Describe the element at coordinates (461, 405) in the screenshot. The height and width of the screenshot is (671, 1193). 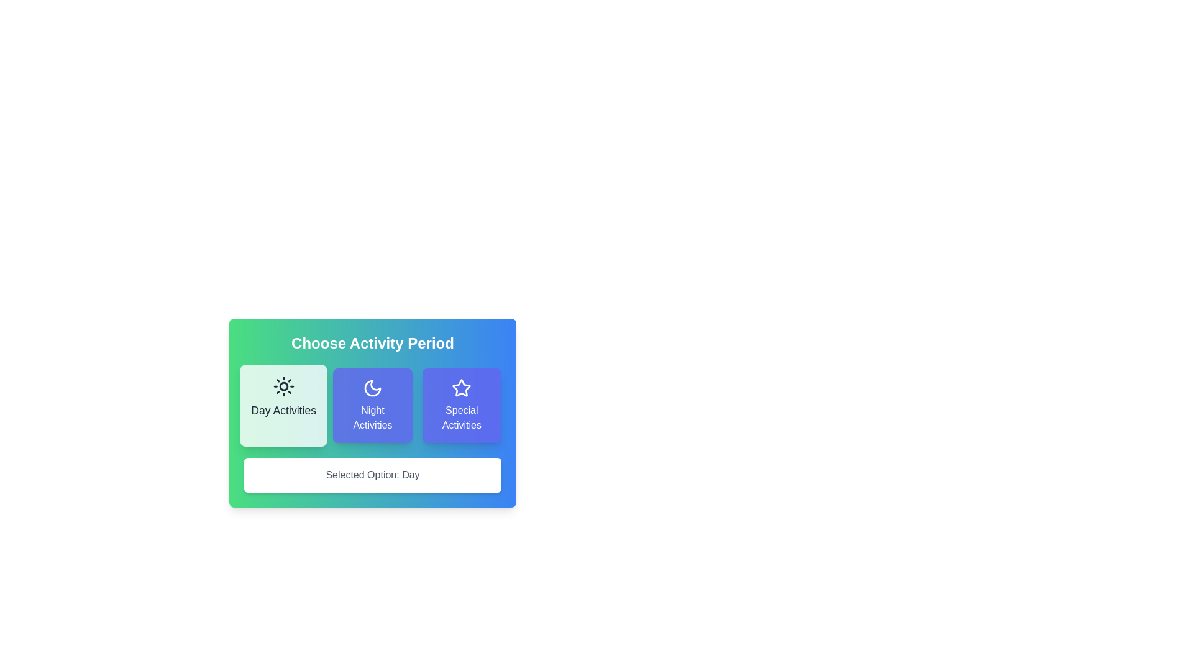
I see `the 'Special Activities' button located at the rightmost side of the row of three buttons` at that location.